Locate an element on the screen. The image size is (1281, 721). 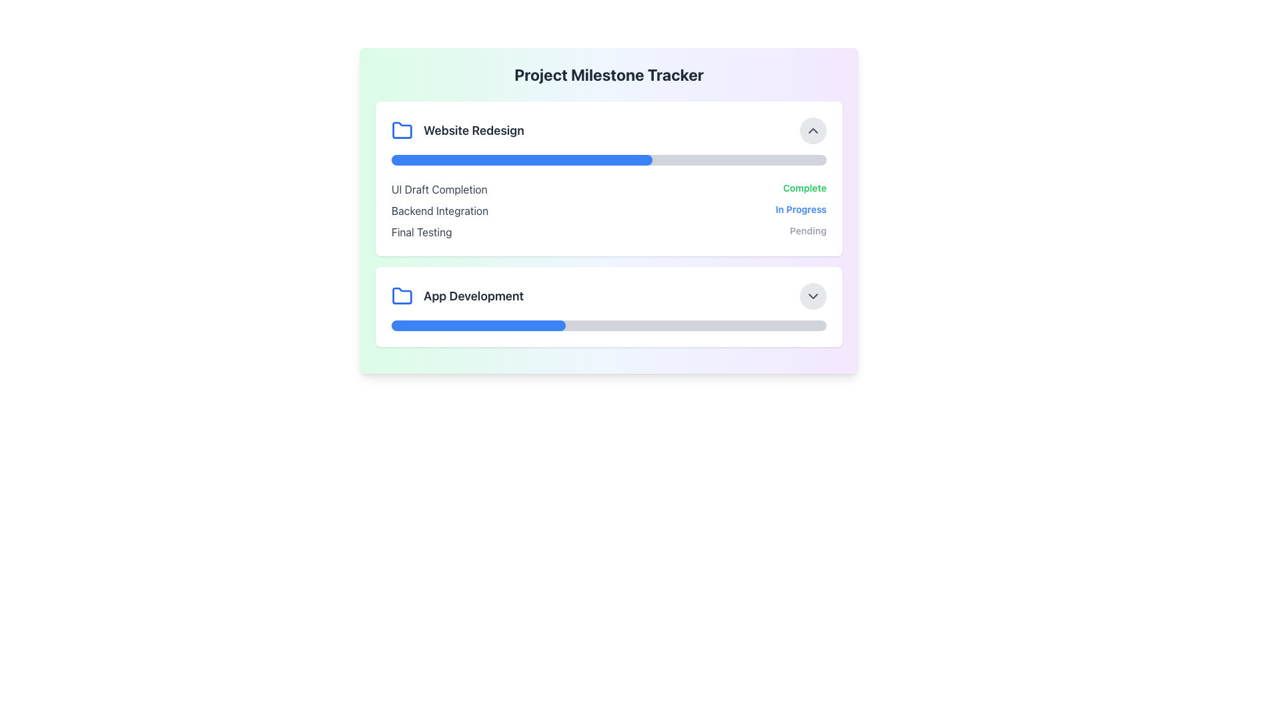
the progress bar located beneath the 'App Development' title, which visually represents the completion status of the milestone is located at coordinates (608, 326).